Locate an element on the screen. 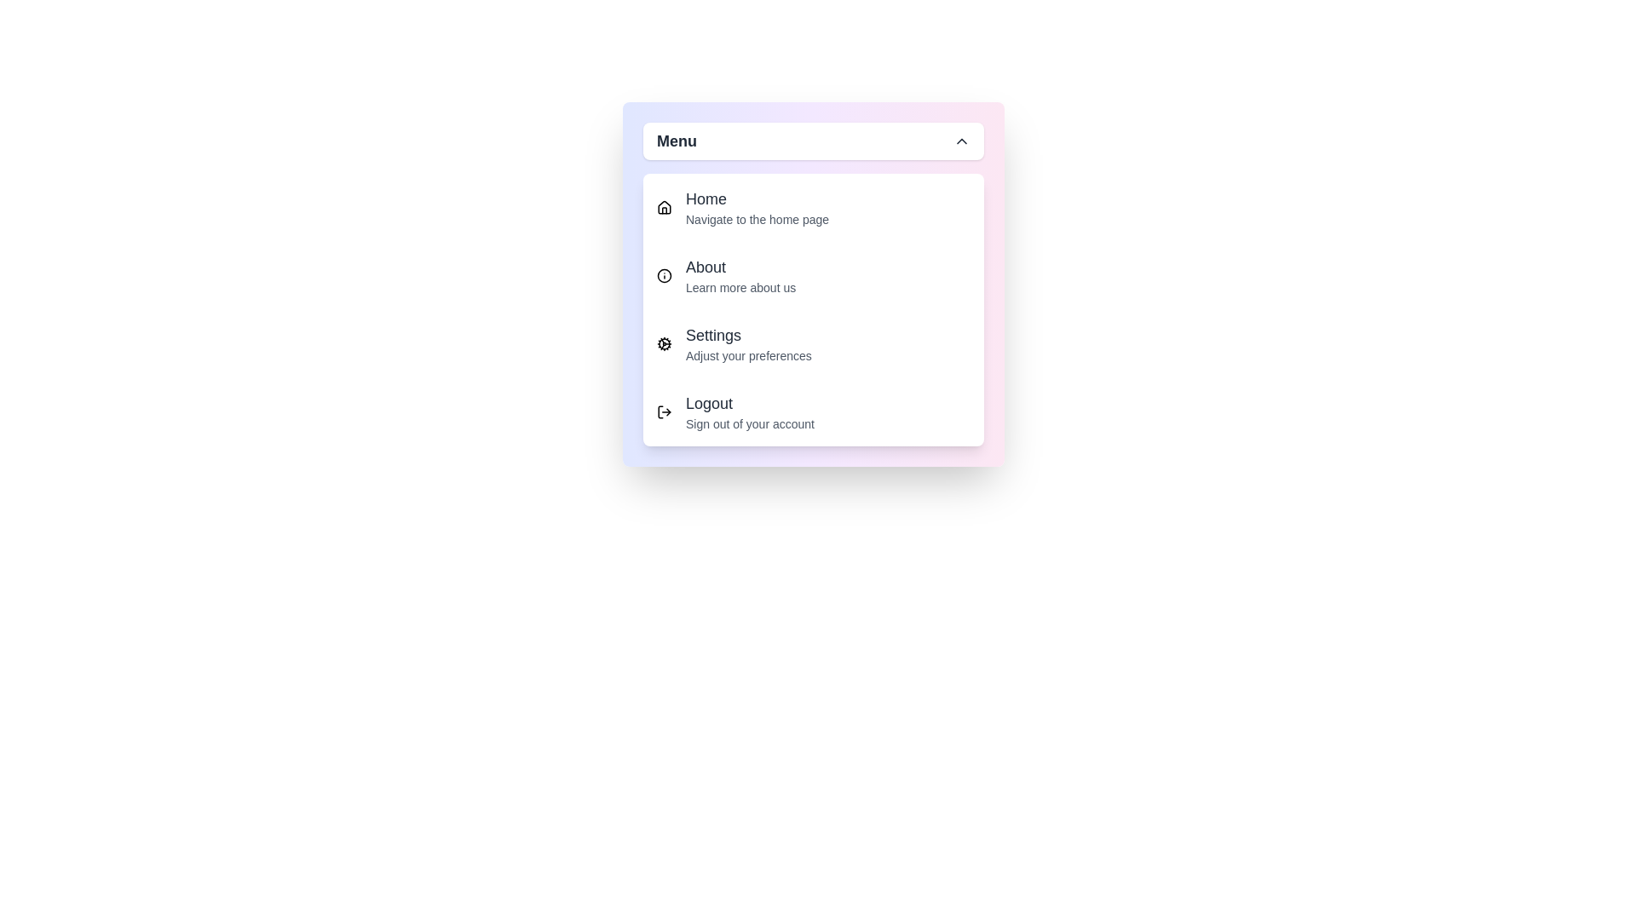 Image resolution: width=1636 pixels, height=920 pixels. the menu option Logout from the available options is located at coordinates (813, 411).